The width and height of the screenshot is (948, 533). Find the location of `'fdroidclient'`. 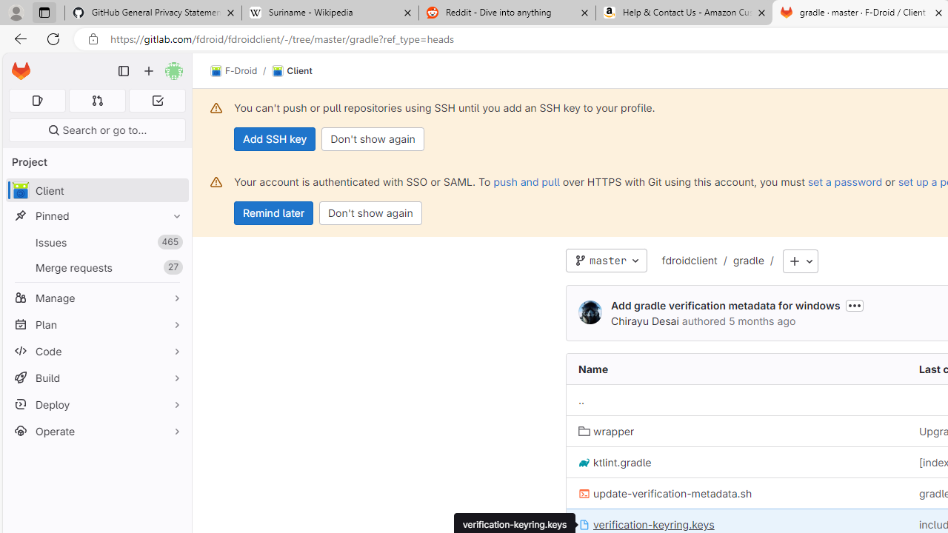

'fdroidclient' is located at coordinates (689, 261).